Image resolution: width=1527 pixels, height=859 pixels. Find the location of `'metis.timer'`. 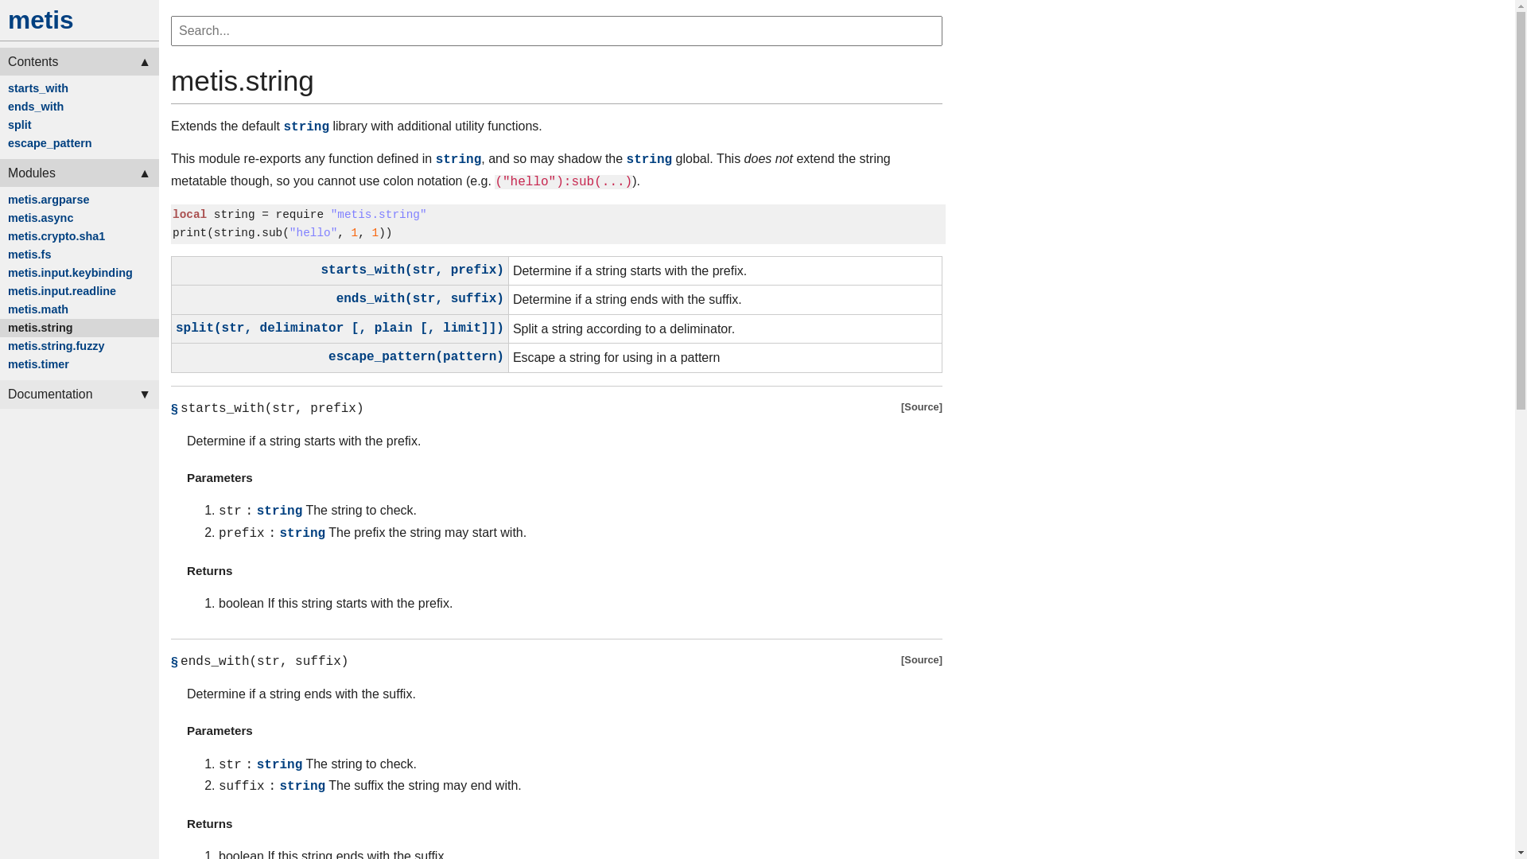

'metis.timer' is located at coordinates (79, 364).